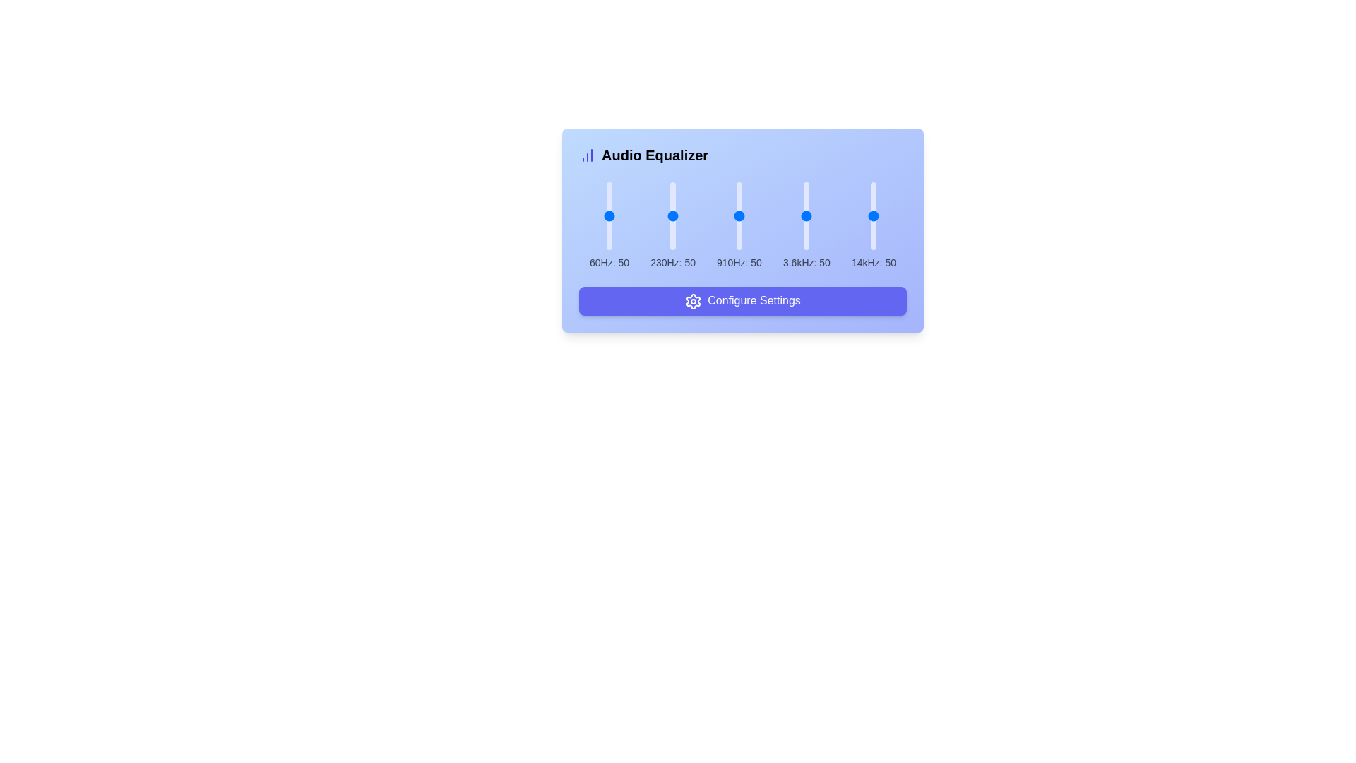  I want to click on the 3.6kHz slider, so click(807, 189).